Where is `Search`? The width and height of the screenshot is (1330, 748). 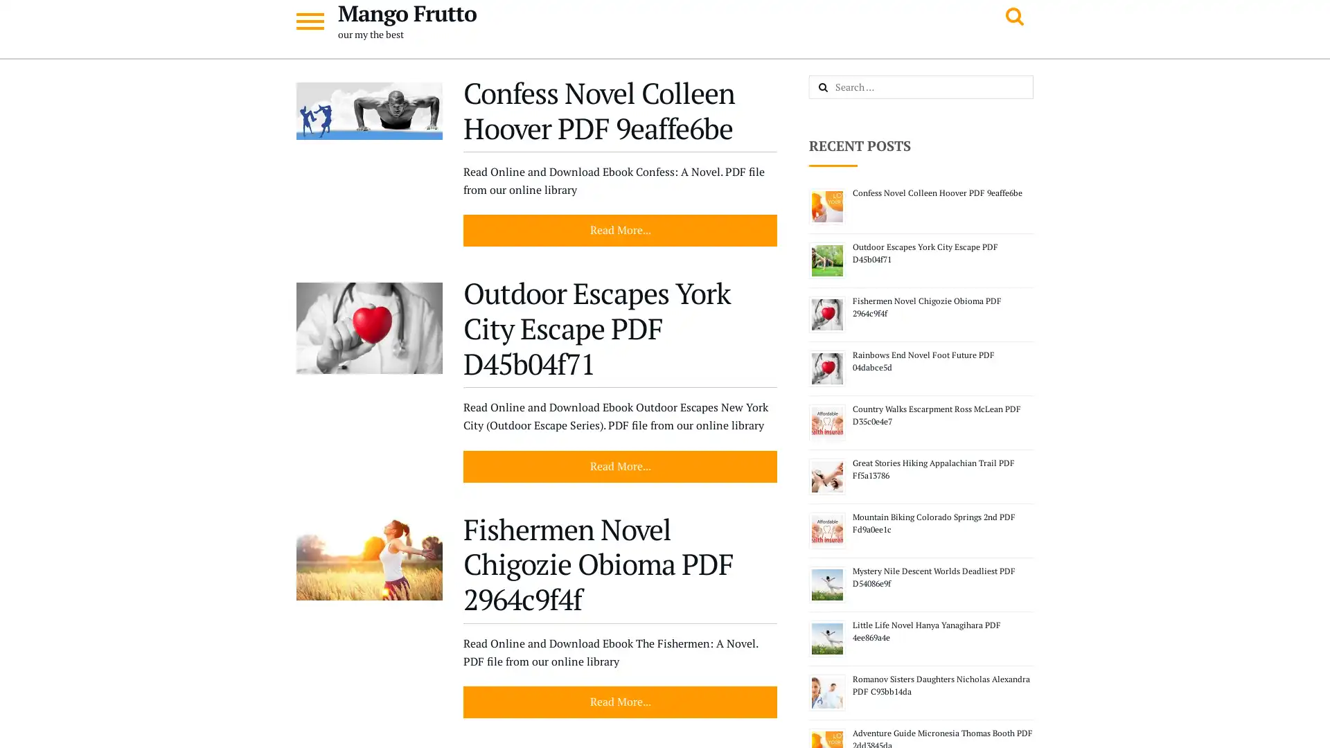
Search is located at coordinates (837, 88).